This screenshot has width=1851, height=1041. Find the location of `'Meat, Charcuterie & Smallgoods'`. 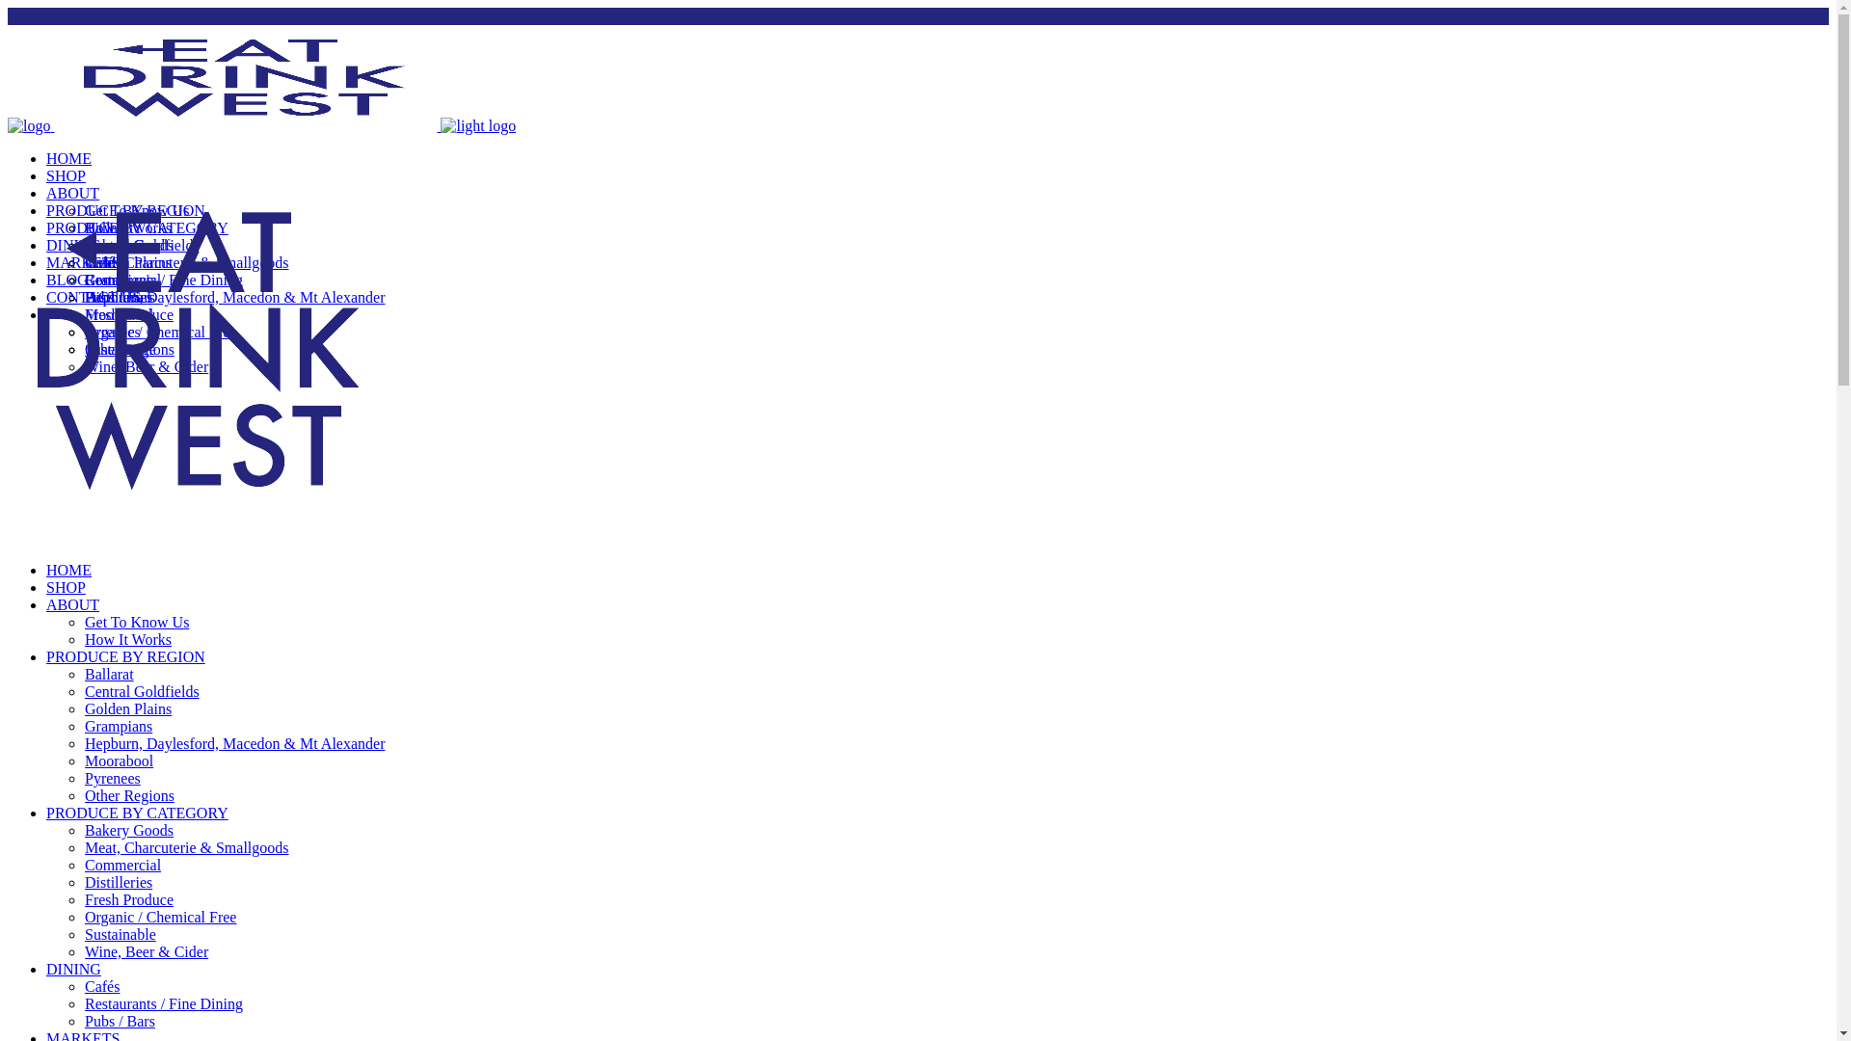

'Meat, Charcuterie & Smallgoods' is located at coordinates (186, 846).